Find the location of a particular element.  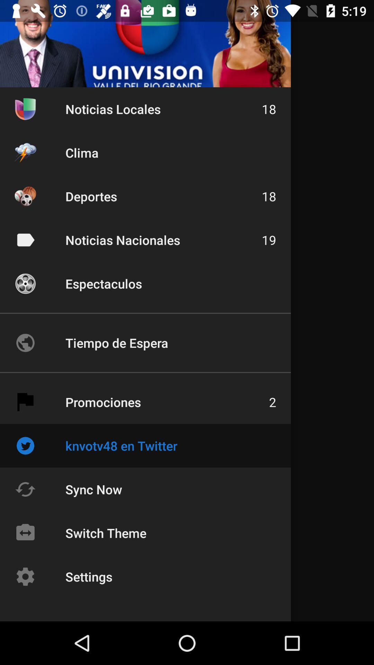

the symbol which is to the left side of noticias nacoinales is located at coordinates (25, 240).